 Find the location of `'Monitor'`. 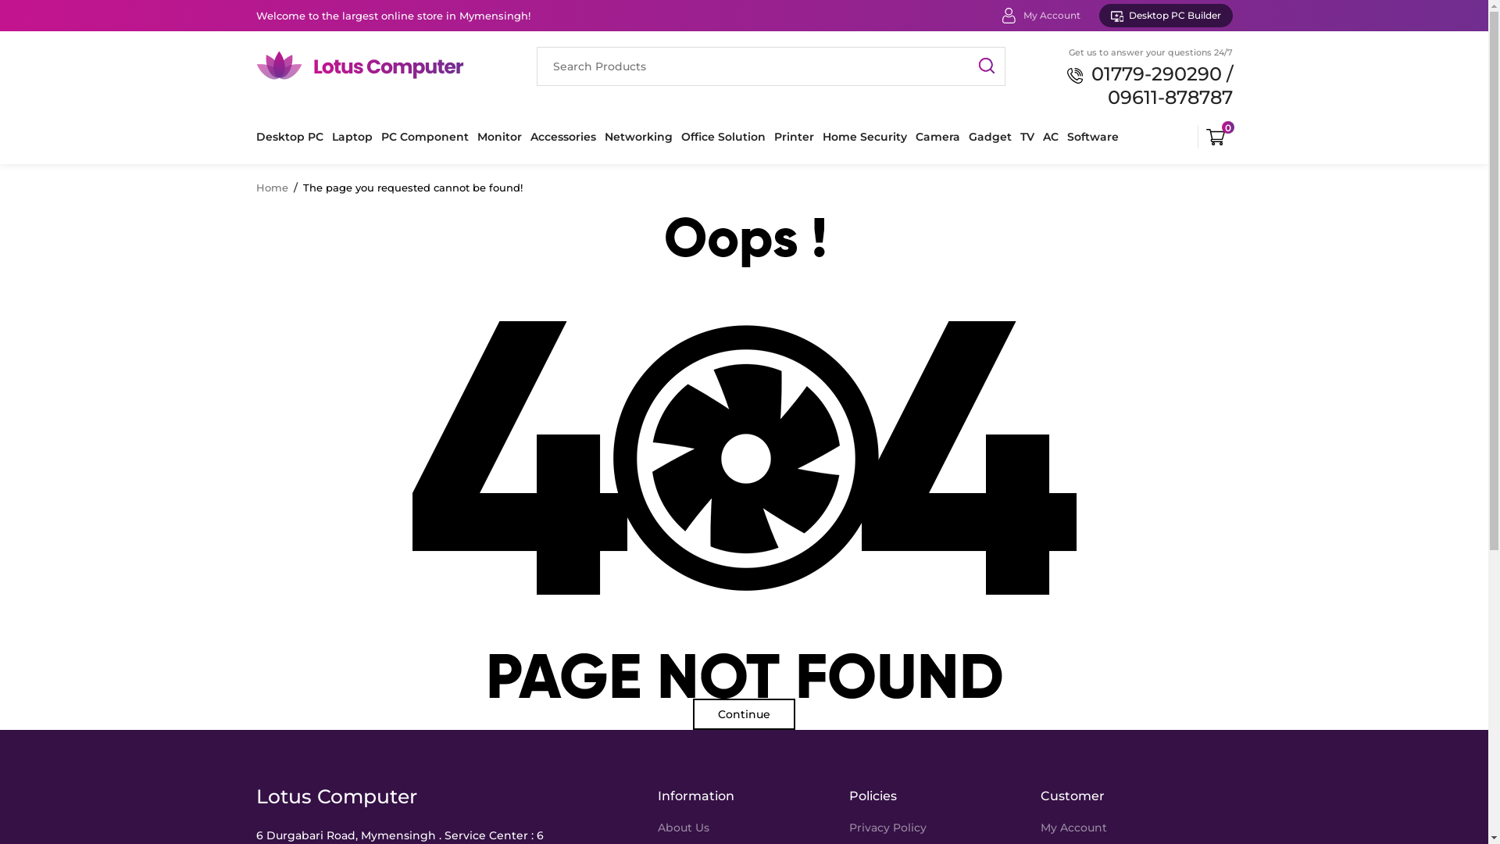

'Monitor' is located at coordinates (498, 135).